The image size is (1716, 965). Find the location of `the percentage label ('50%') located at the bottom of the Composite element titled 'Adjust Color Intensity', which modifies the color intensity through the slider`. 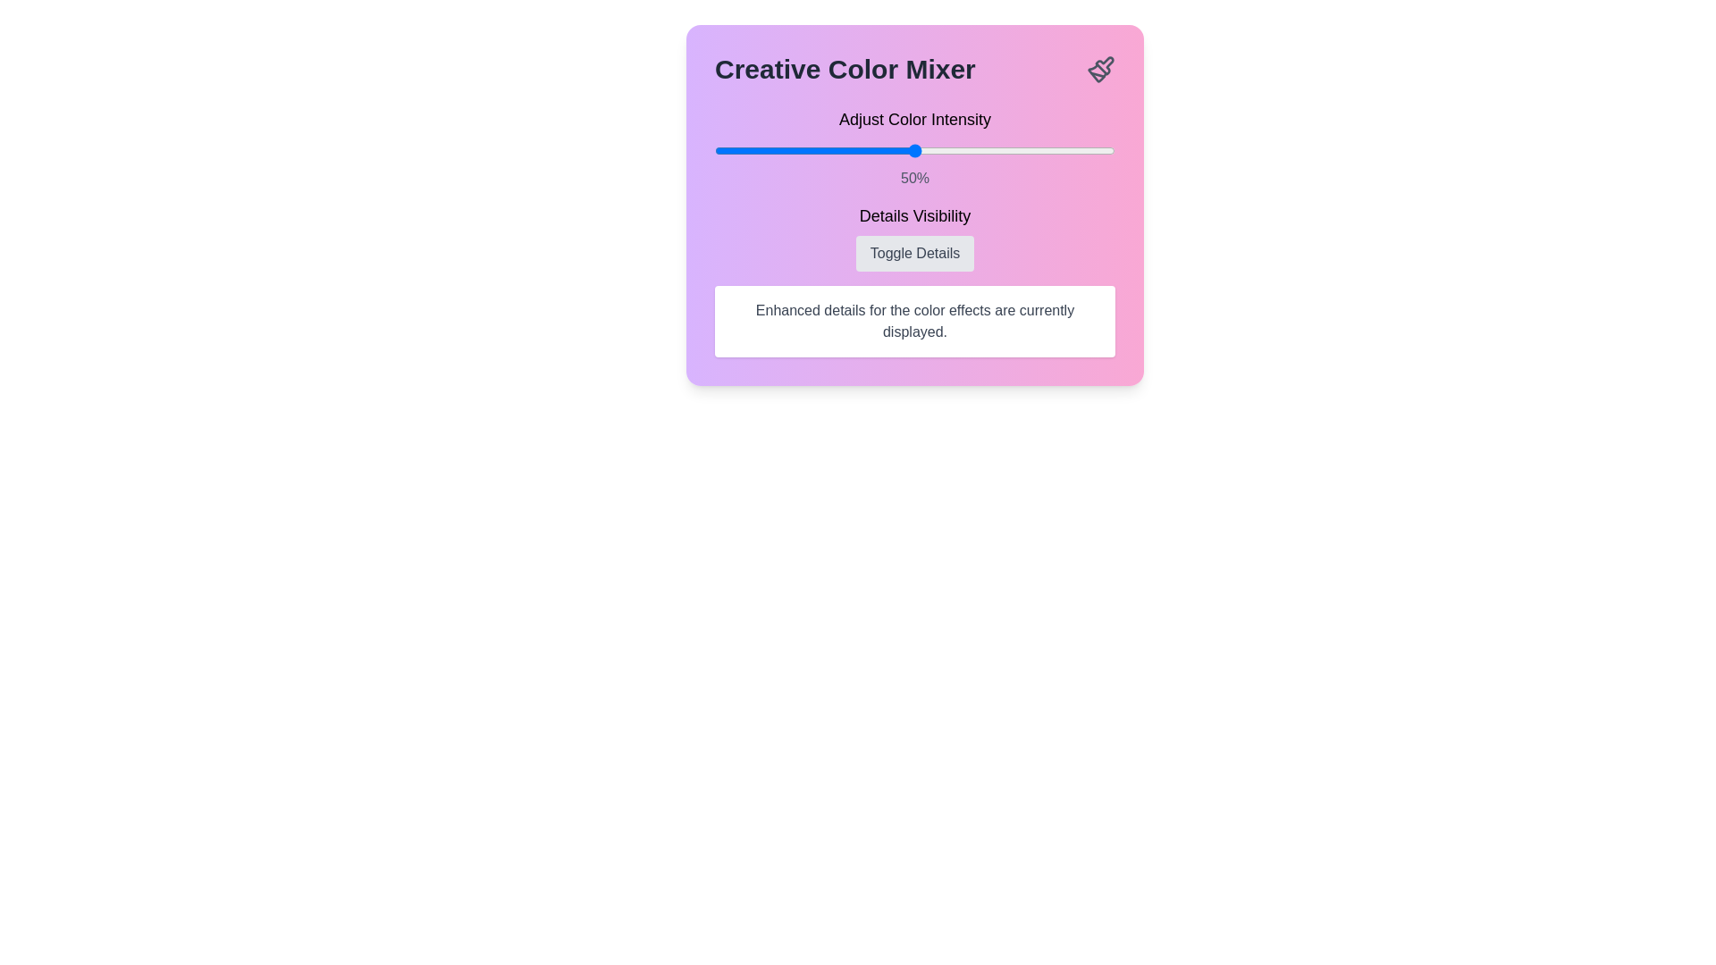

the percentage label ('50%') located at the bottom of the Composite element titled 'Adjust Color Intensity', which modifies the color intensity through the slider is located at coordinates (914, 147).